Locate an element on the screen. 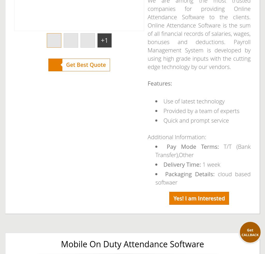  'Pay Mode Terms:' is located at coordinates (195, 146).